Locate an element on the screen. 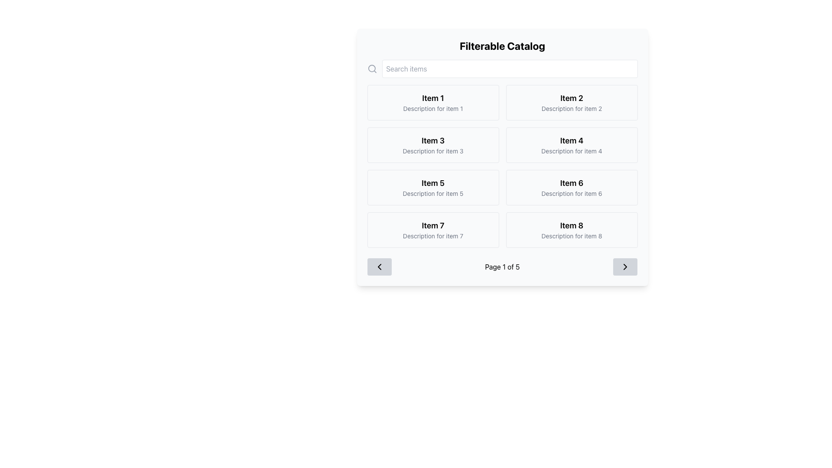 This screenshot has height=468, width=832. the small triangular chevron icon pointing left located in the pagination area at the bottom left corner of the interface is located at coordinates (379, 266).